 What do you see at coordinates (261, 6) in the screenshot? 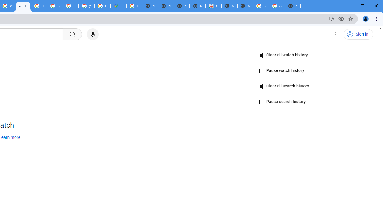
I see `'Google Images'` at bounding box center [261, 6].